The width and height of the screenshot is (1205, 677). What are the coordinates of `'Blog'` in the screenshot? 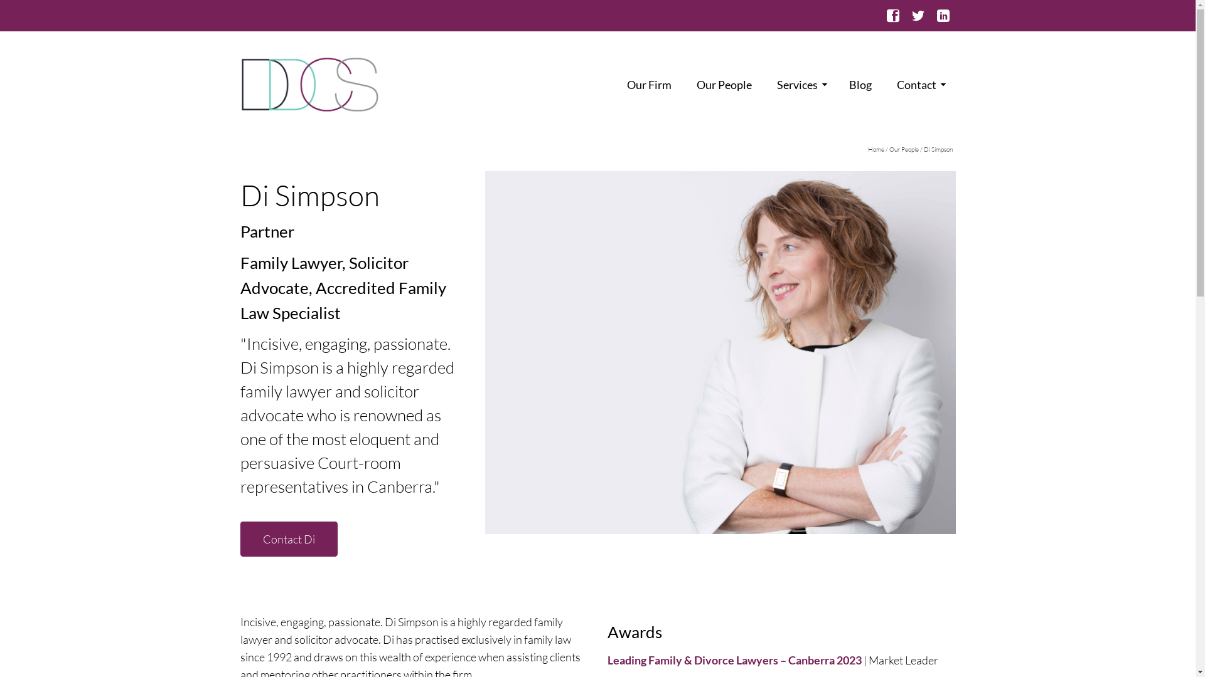 It's located at (860, 85).